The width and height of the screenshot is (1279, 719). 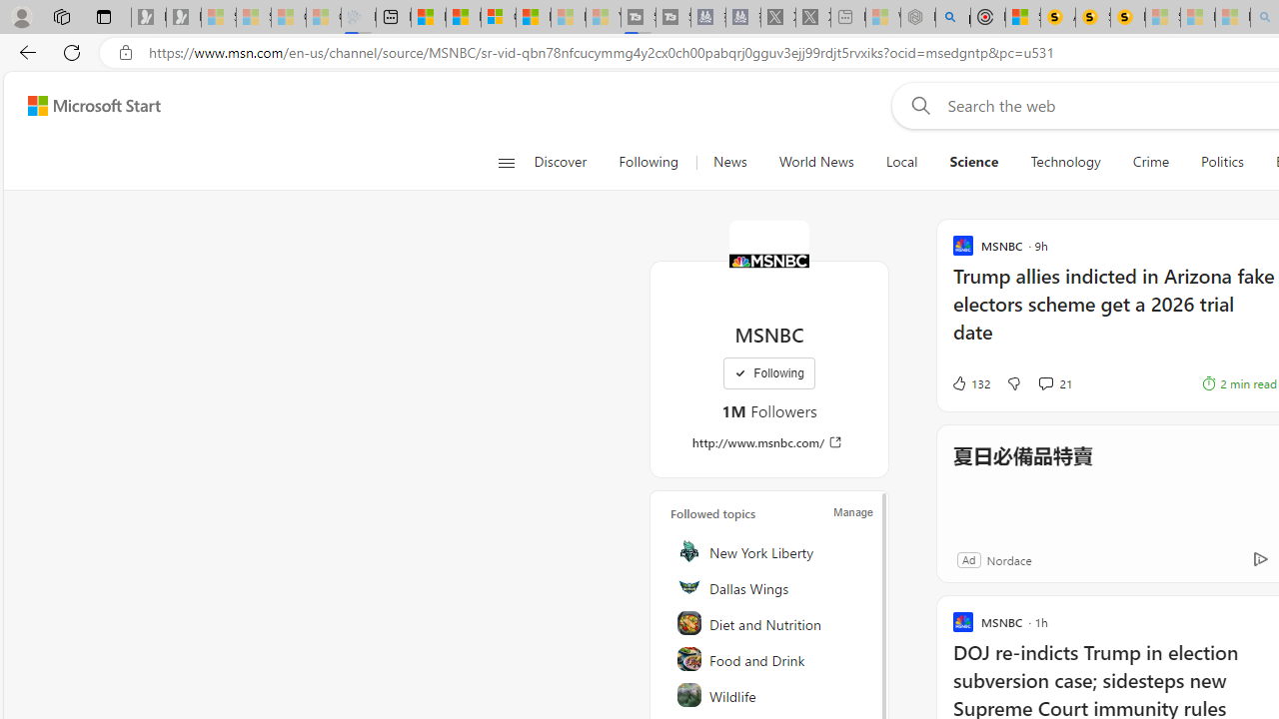 What do you see at coordinates (86, 105) in the screenshot?
I see `'Skip to content'` at bounding box center [86, 105].